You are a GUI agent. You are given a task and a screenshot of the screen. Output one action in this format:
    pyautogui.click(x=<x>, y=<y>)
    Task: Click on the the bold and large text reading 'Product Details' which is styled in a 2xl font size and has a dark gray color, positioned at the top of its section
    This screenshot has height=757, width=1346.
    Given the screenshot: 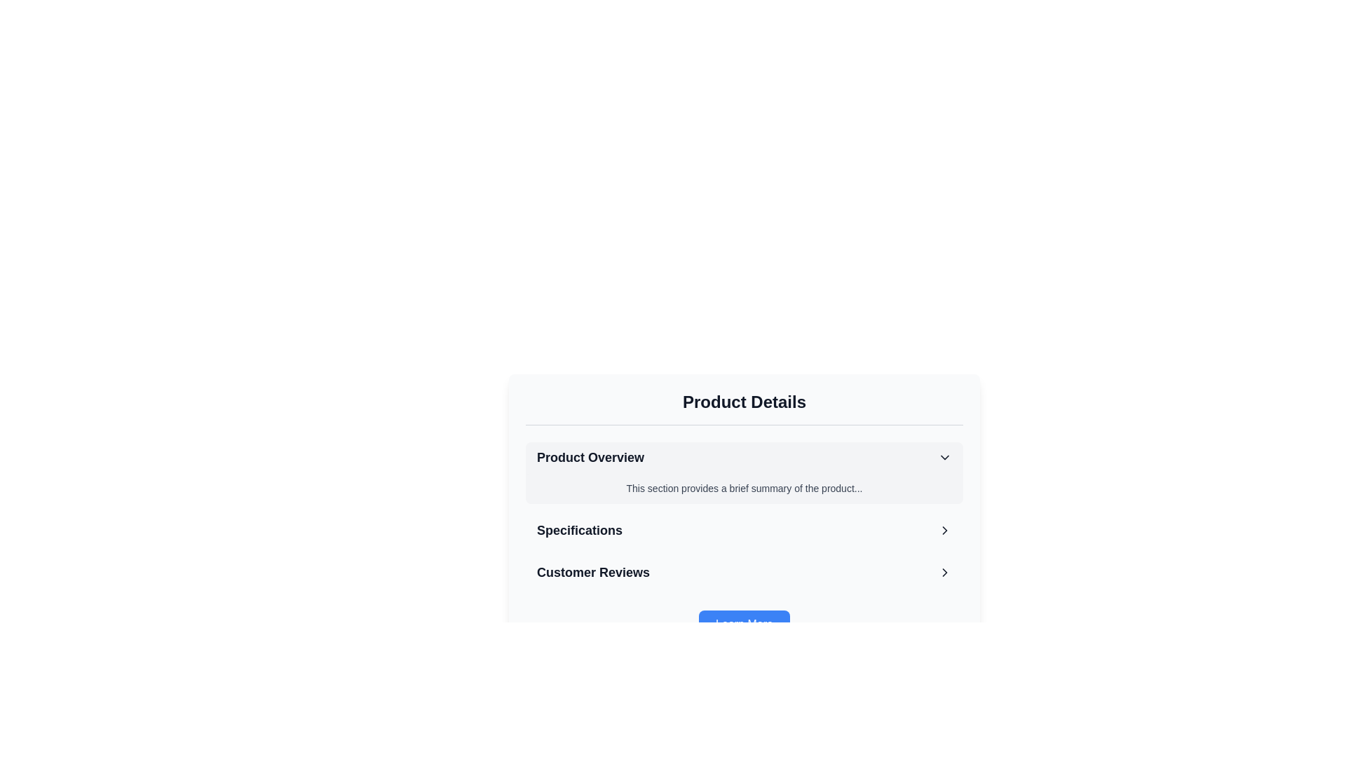 What is the action you would take?
    pyautogui.click(x=743, y=402)
    